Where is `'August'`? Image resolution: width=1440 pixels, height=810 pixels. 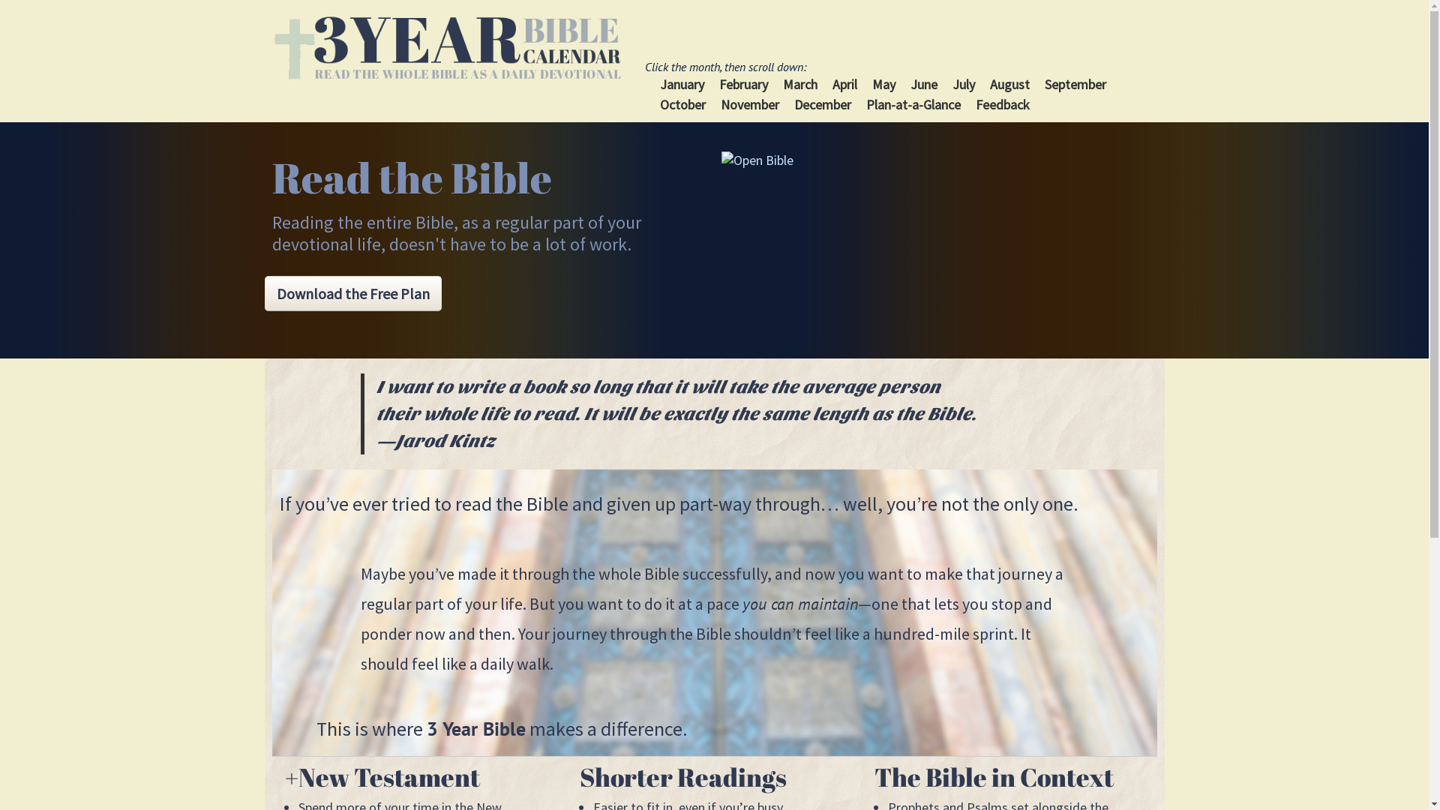 'August' is located at coordinates (1009, 84).